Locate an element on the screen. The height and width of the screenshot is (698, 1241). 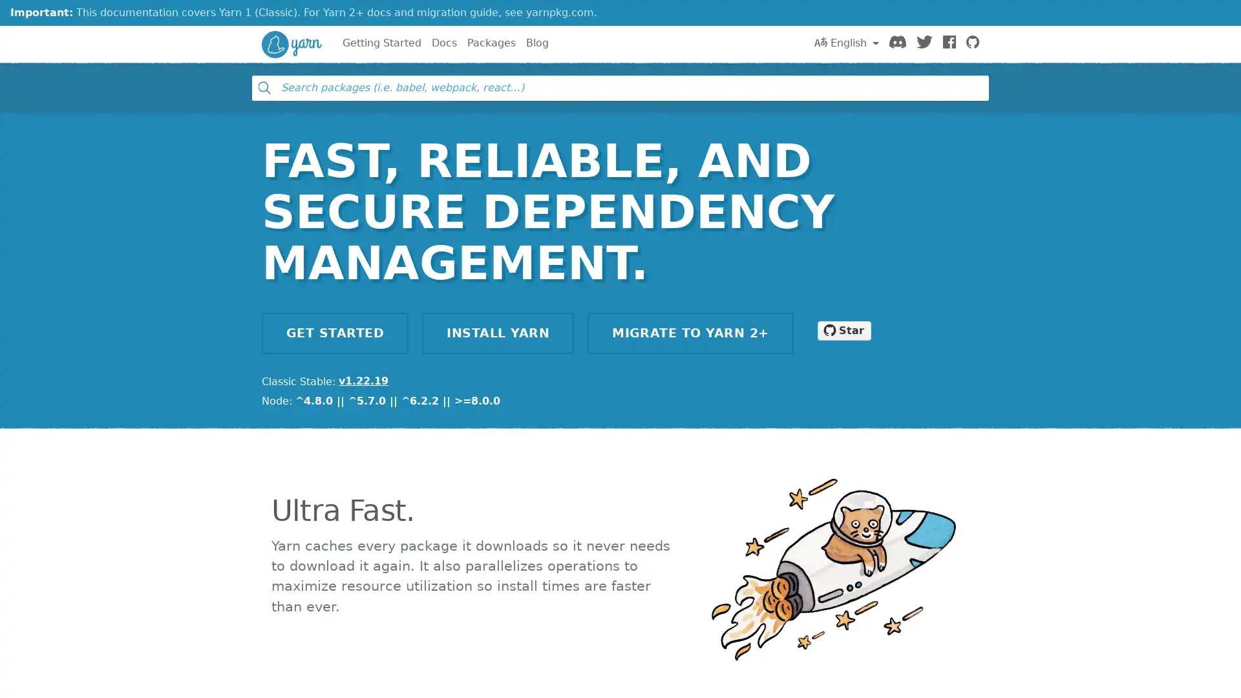
Submit your search query. is located at coordinates (263, 87).